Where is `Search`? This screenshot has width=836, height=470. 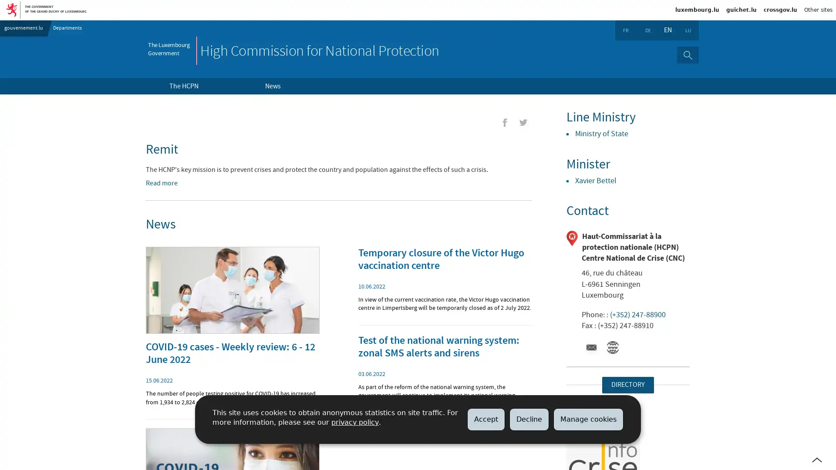
Search is located at coordinates (687, 55).